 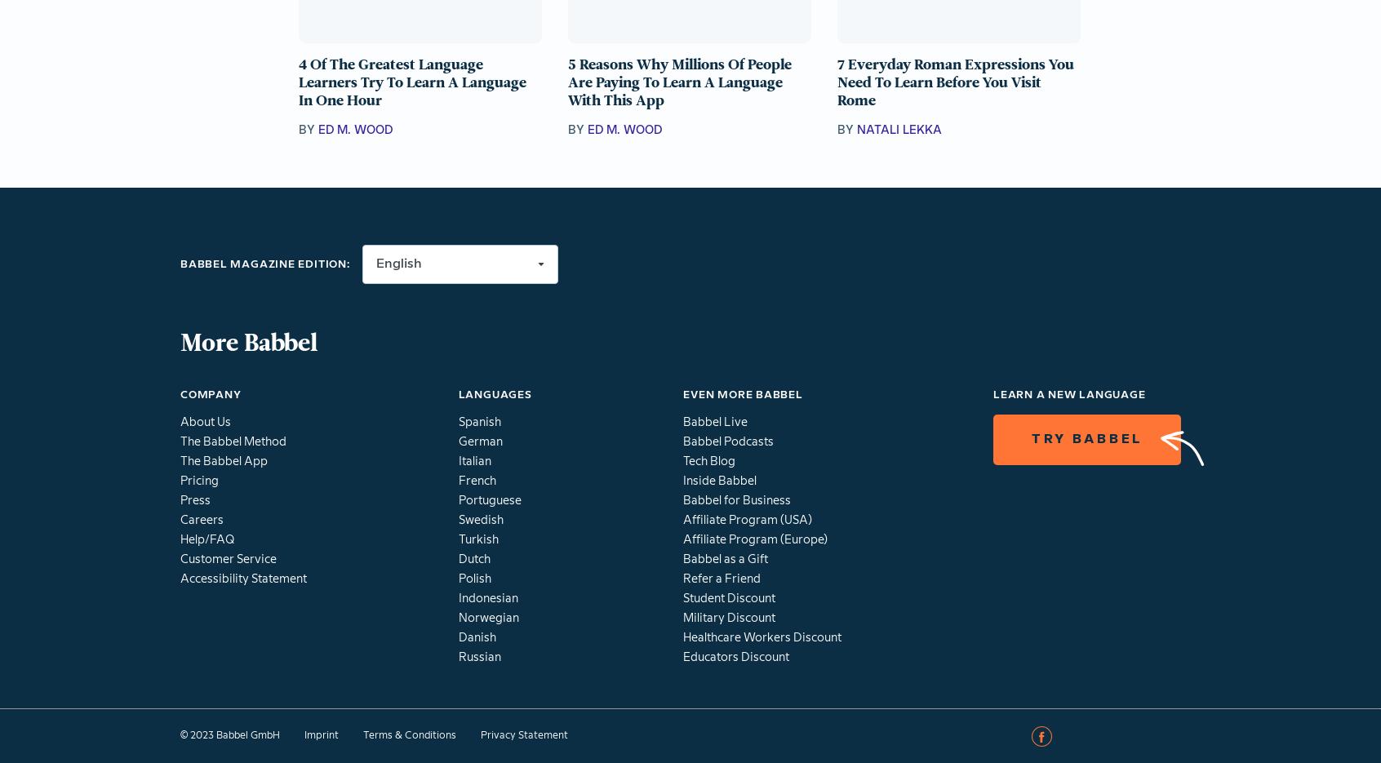 I want to click on 'Imprint', so click(x=322, y=735).